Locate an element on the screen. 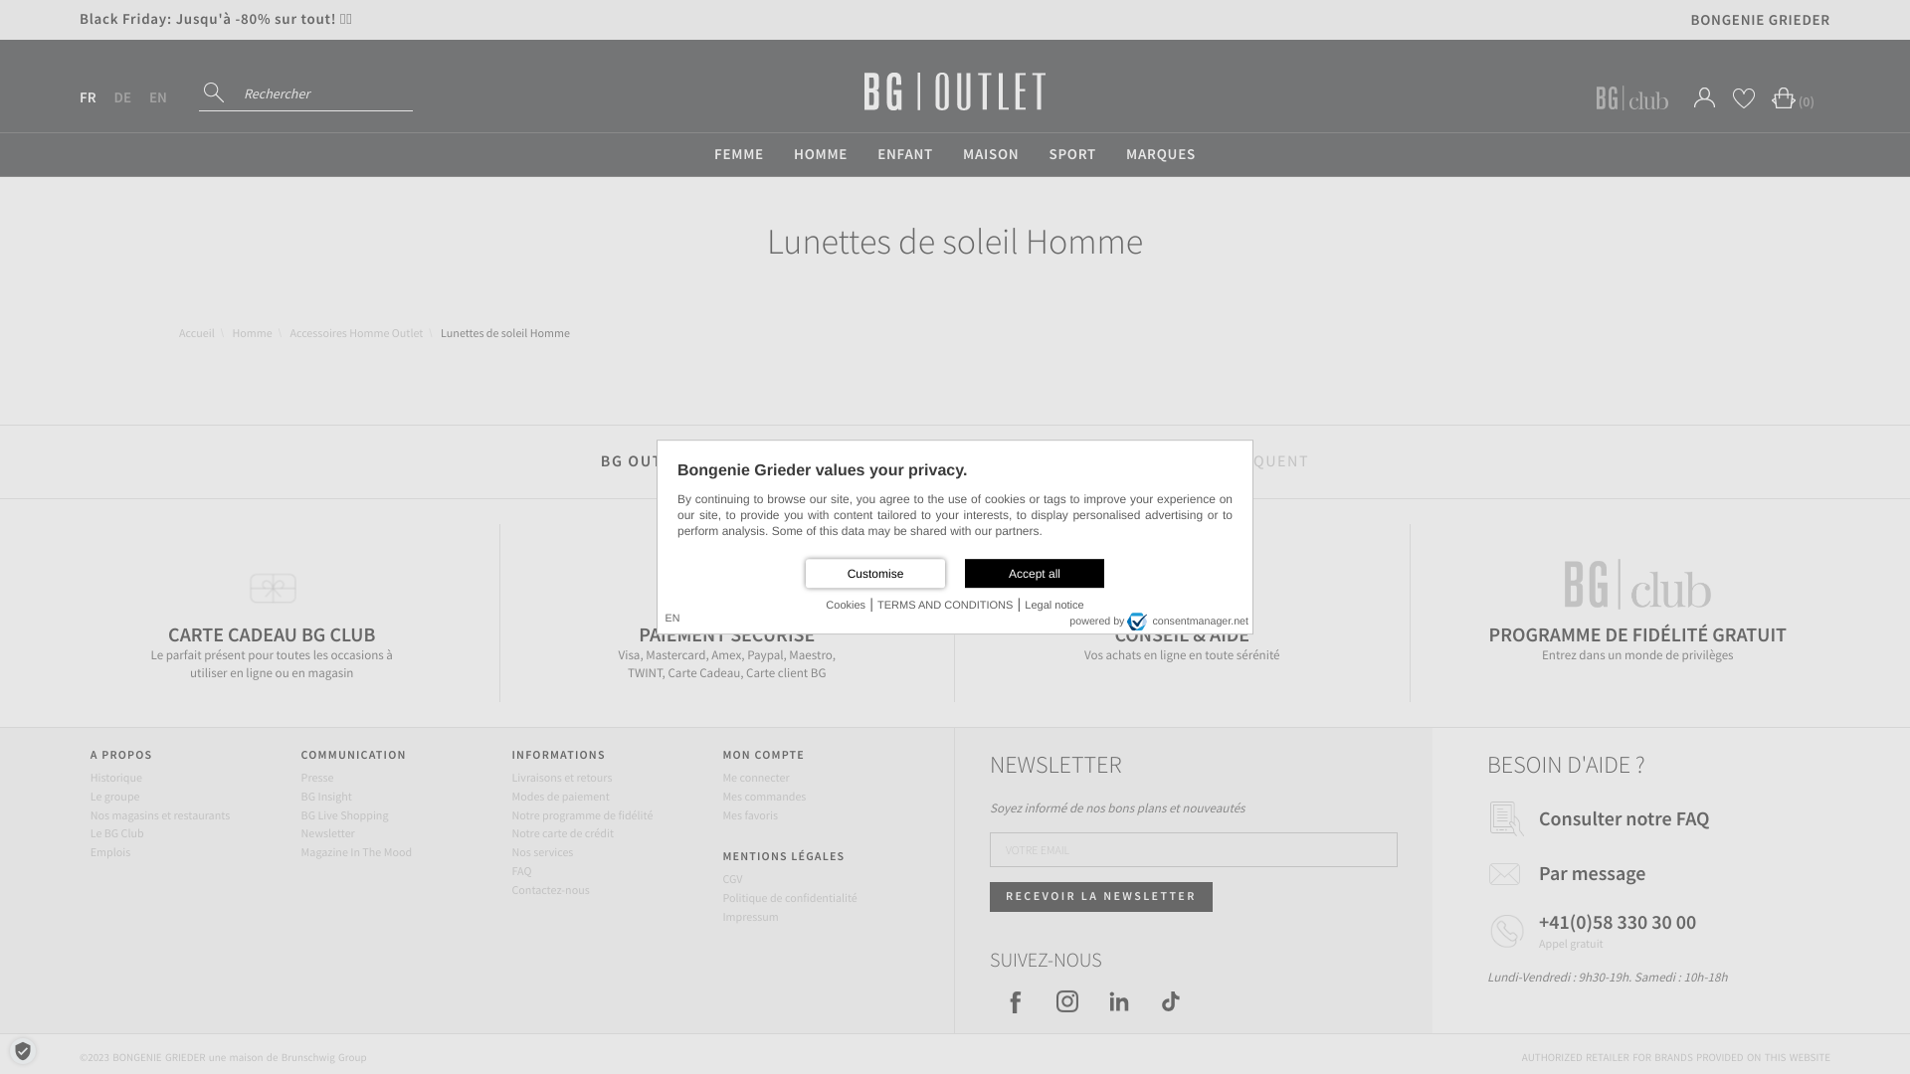 The height and width of the screenshot is (1074, 1910). 'Newsletter' is located at coordinates (328, 833).